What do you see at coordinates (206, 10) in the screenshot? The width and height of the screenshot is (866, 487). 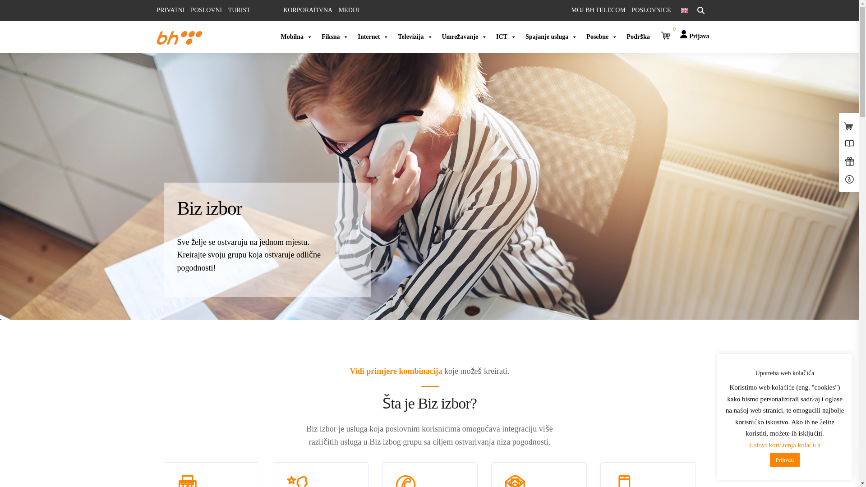 I see `'POSLOVNI'` at bounding box center [206, 10].